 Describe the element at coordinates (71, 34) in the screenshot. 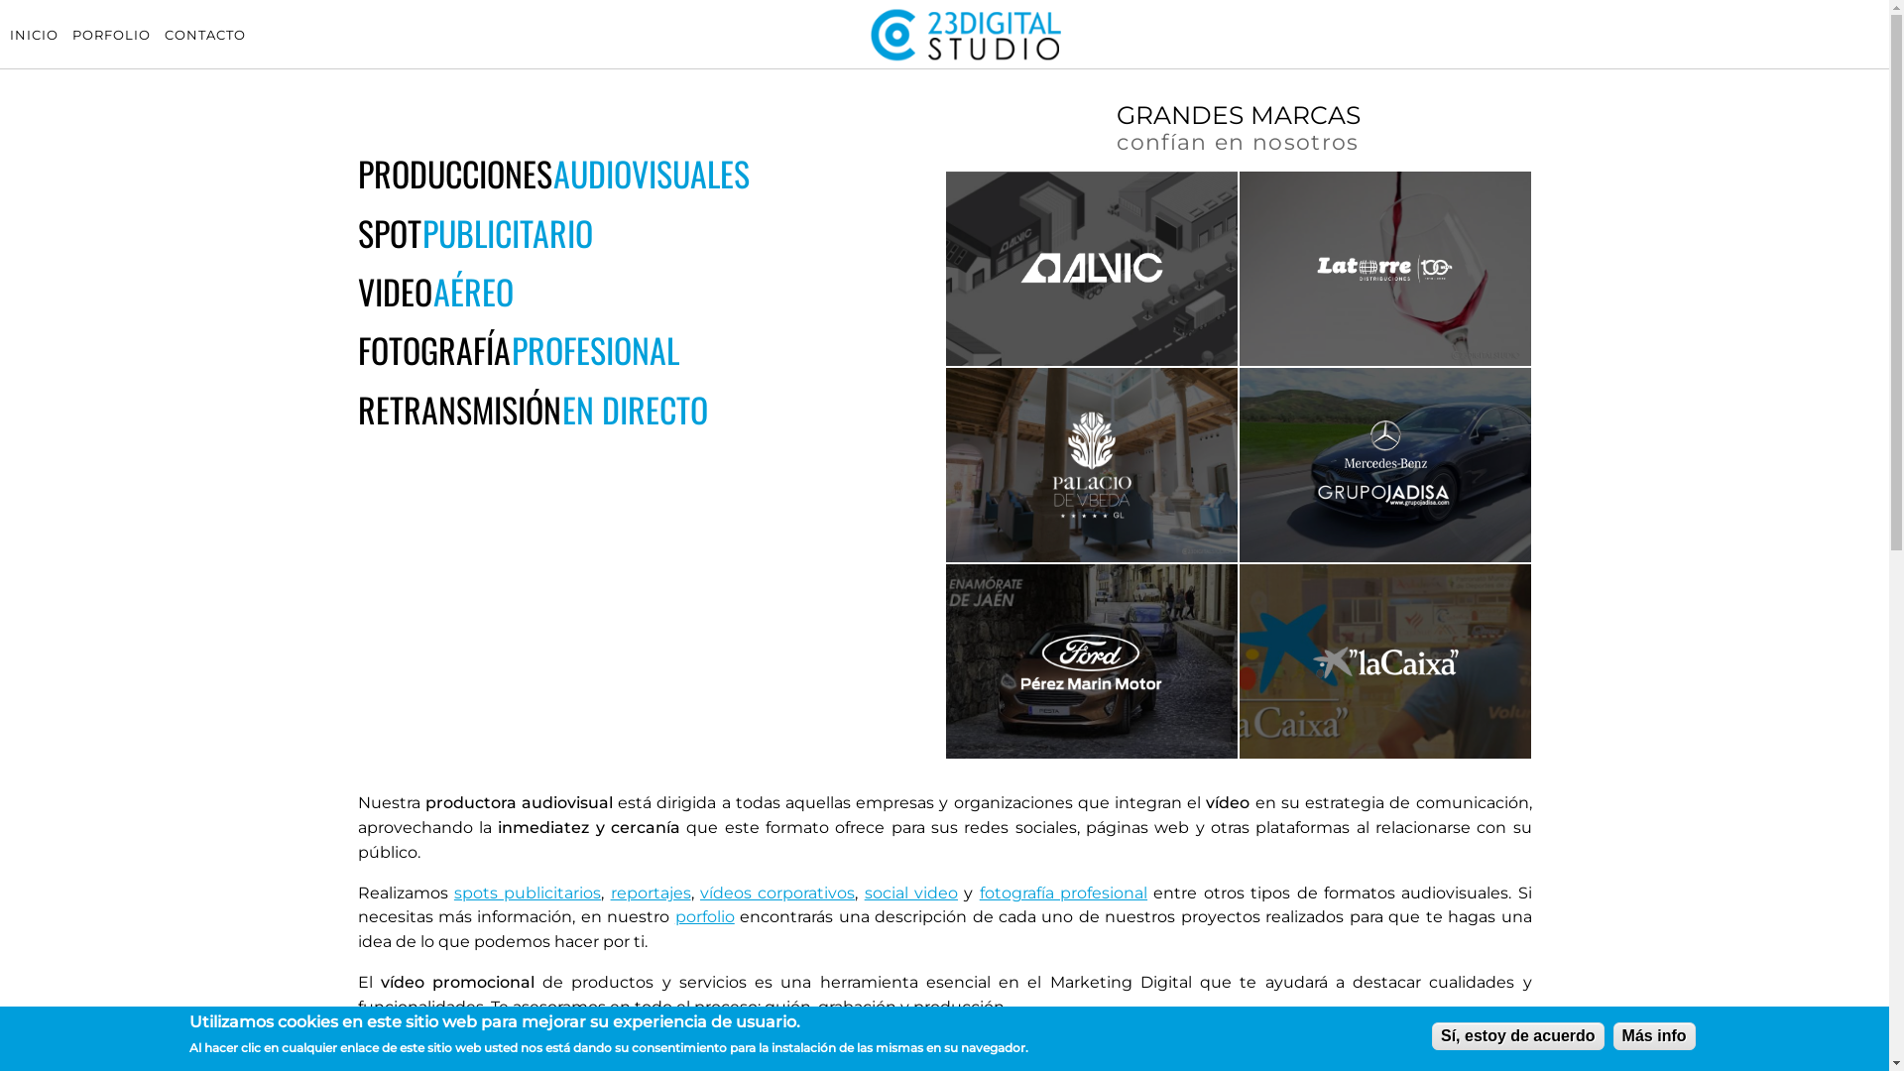

I see `'PORFOLIO'` at that location.